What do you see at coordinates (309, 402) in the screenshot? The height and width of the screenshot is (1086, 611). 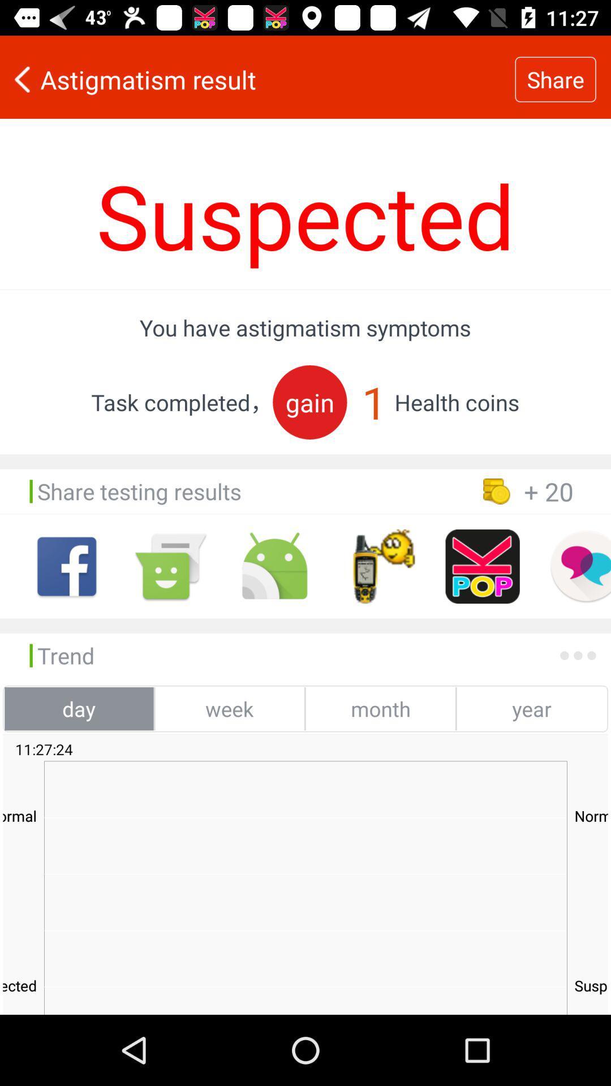 I see `item below you have astigmatism icon` at bounding box center [309, 402].